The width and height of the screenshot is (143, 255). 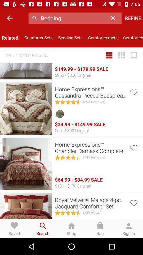 I want to click on this item, so click(x=133, y=92).